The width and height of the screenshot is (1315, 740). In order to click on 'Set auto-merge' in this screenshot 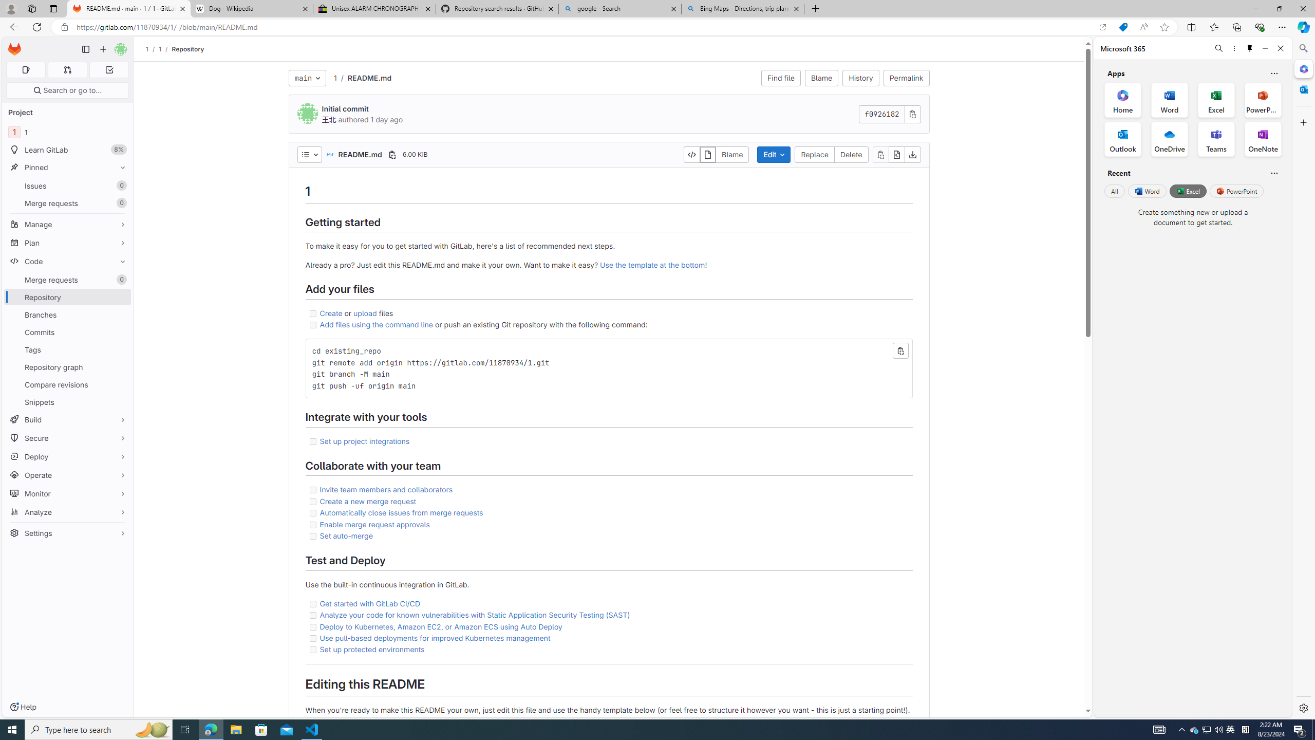, I will do `click(346, 535)`.